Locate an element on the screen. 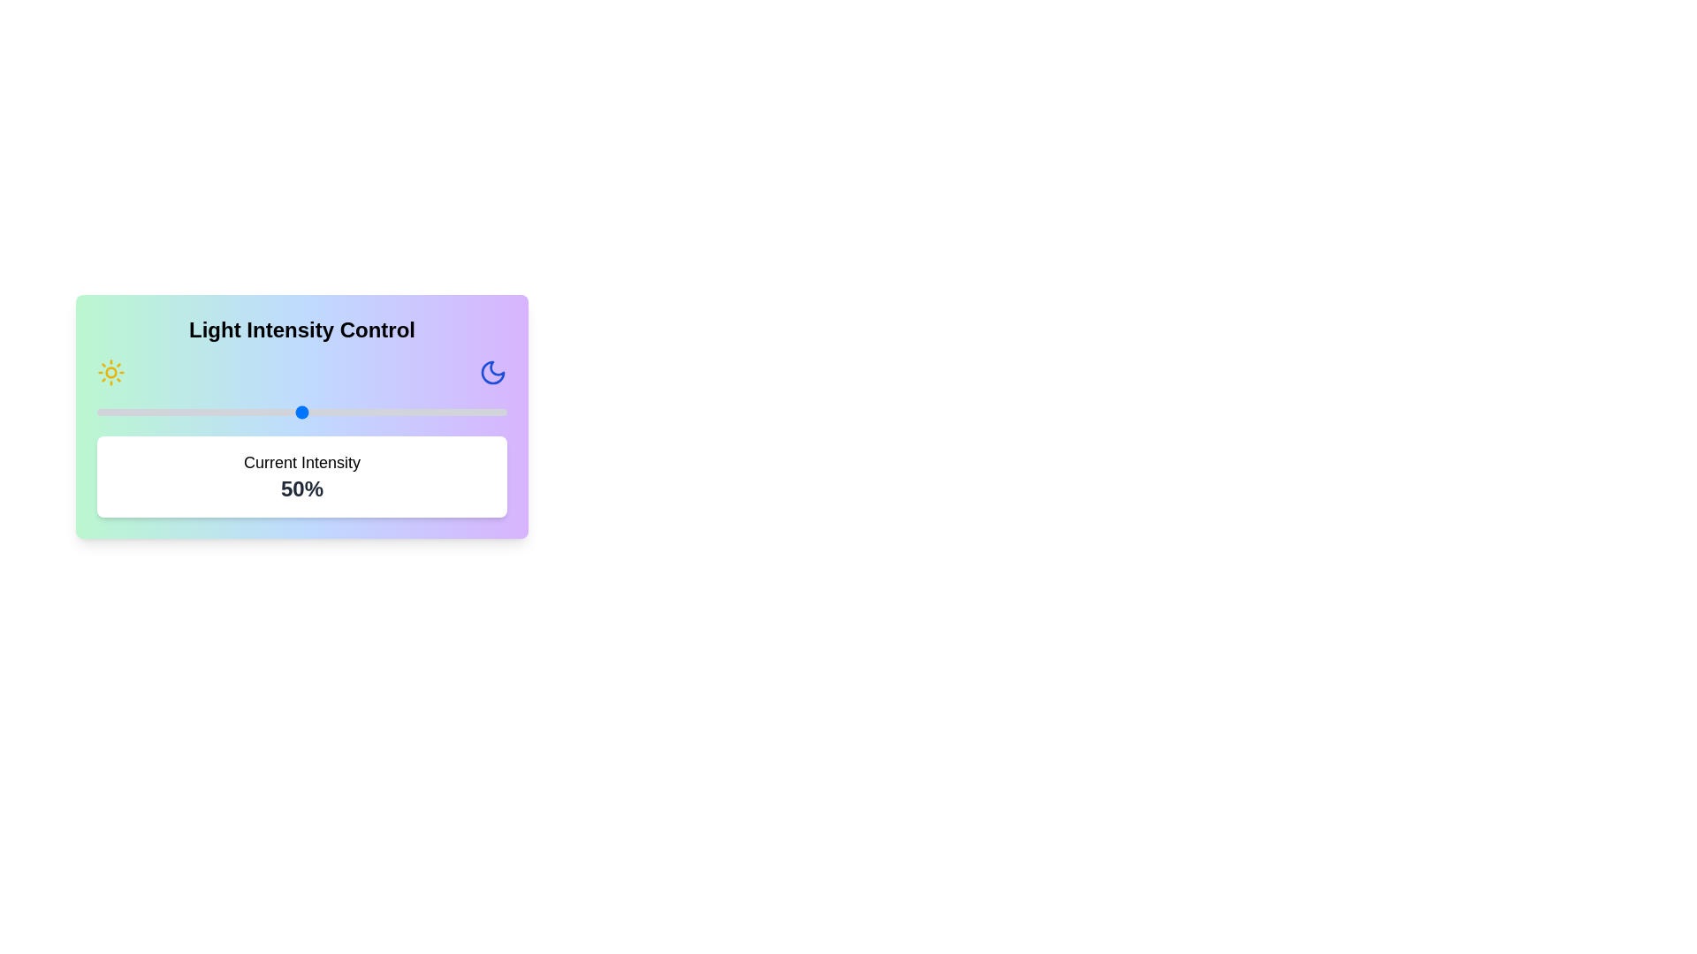 Image resolution: width=1697 pixels, height=954 pixels. the light intensity is located at coordinates (483, 412).